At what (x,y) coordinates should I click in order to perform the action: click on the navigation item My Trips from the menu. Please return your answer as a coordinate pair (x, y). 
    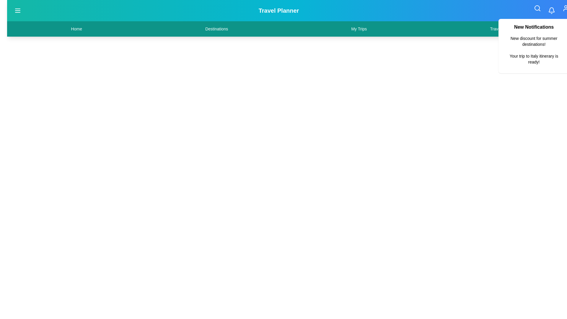
    Looking at the image, I should click on (358, 29).